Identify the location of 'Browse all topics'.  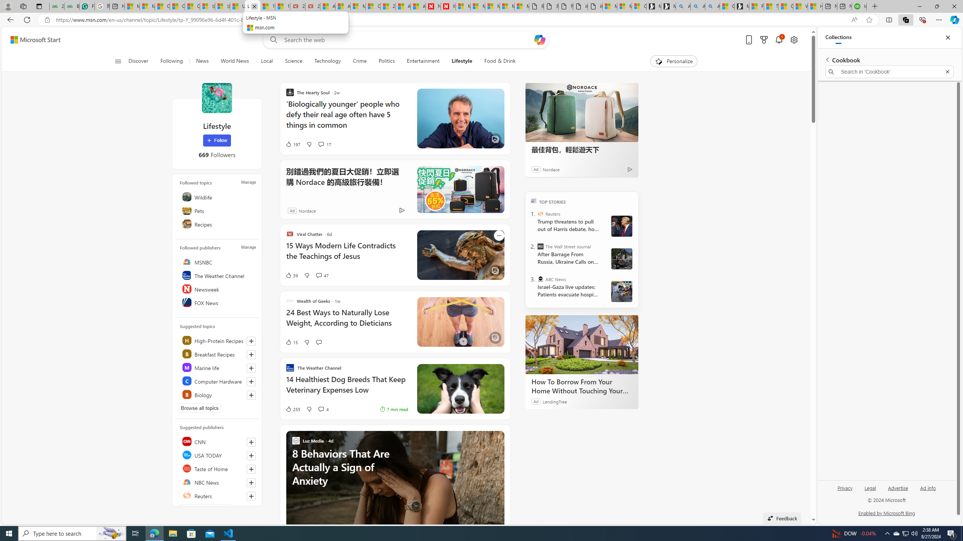
(199, 407).